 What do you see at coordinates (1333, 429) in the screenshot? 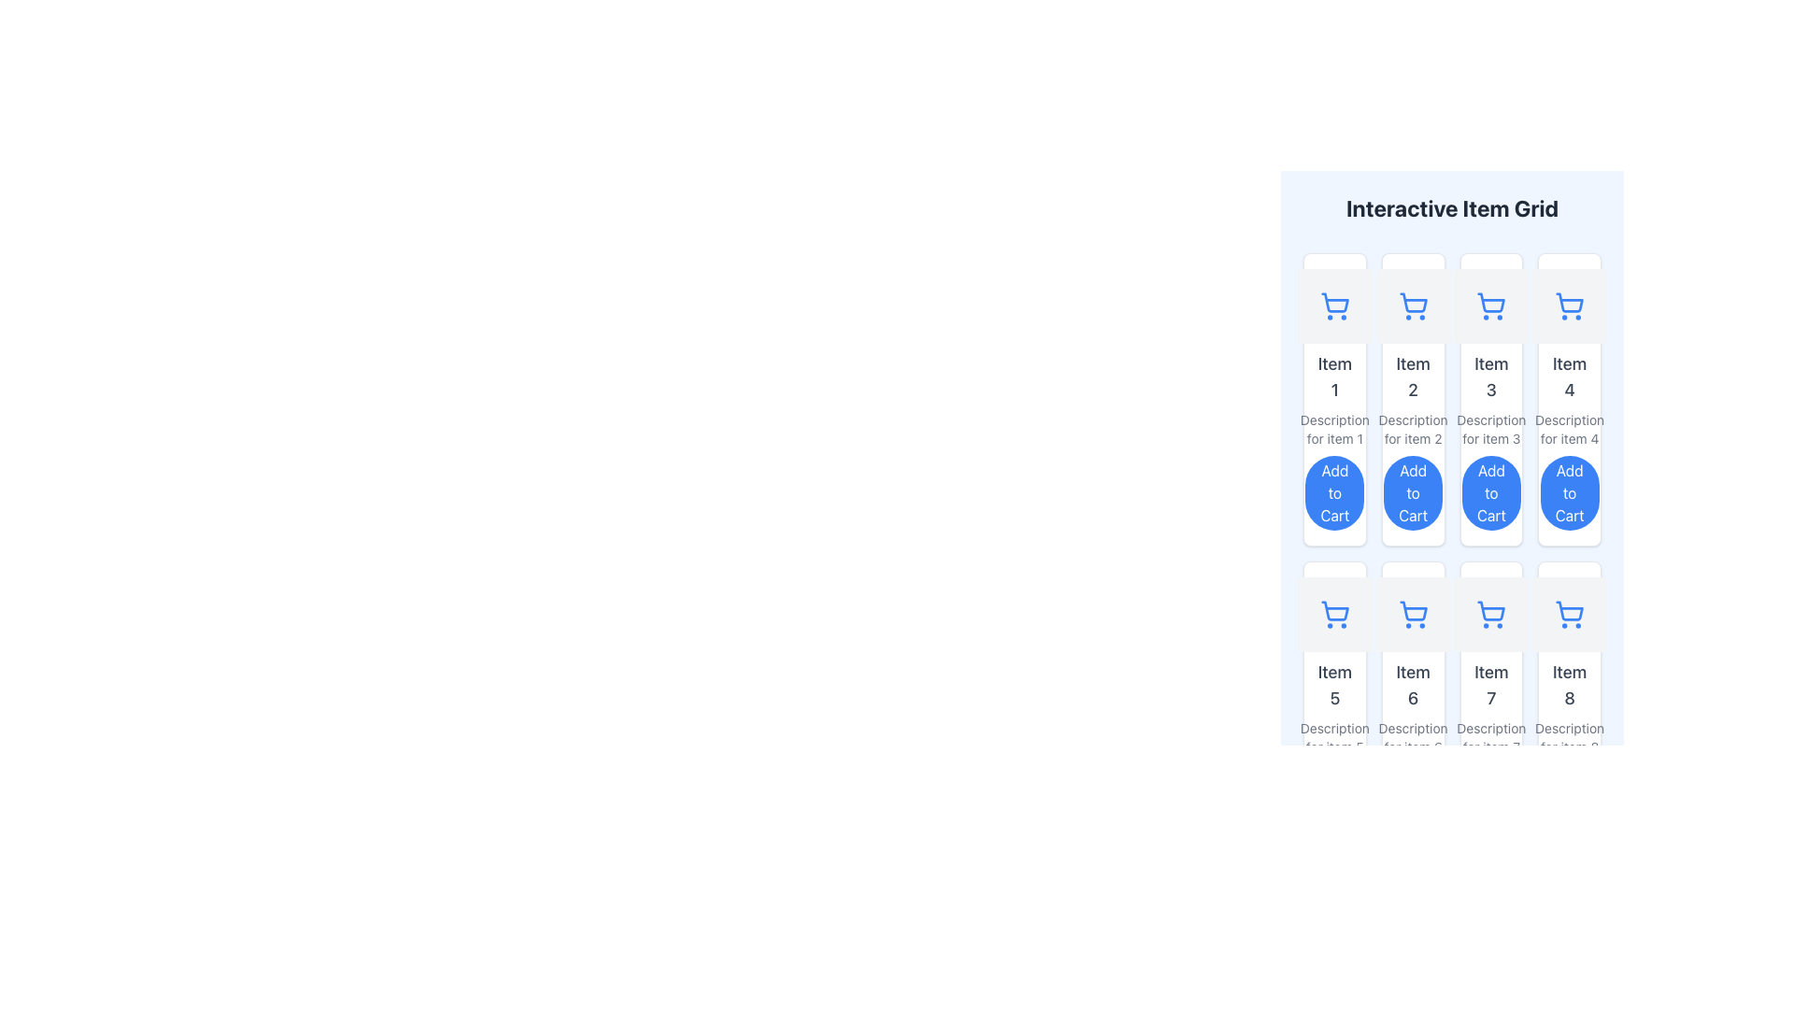
I see `the Text Label that provides additional information about 'Item 1', positioned below 'Item 1' and above the 'Add to Cart' button` at bounding box center [1333, 429].